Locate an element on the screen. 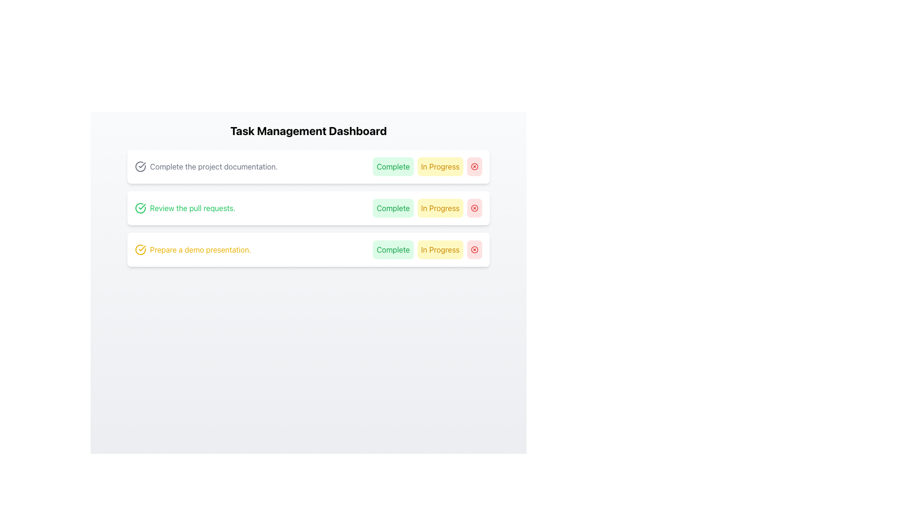  the 'In Progress' button located in the middle row of the task list, positioned between the 'Complete' button and a circular red button with a cross icon for keyboard navigation is located at coordinates (440, 207).